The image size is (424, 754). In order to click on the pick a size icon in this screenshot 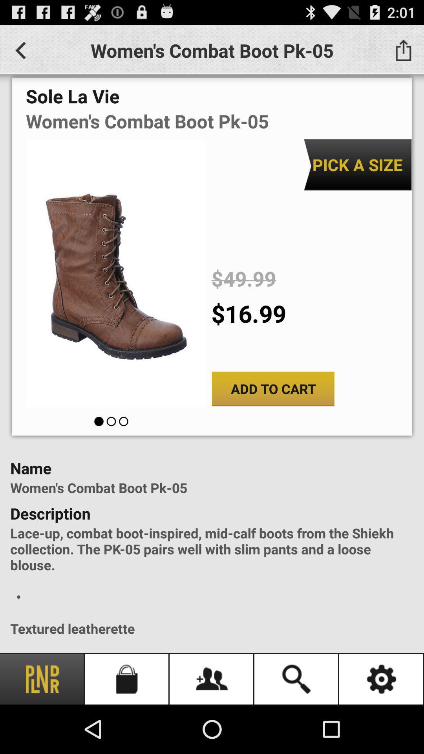, I will do `click(357, 164)`.